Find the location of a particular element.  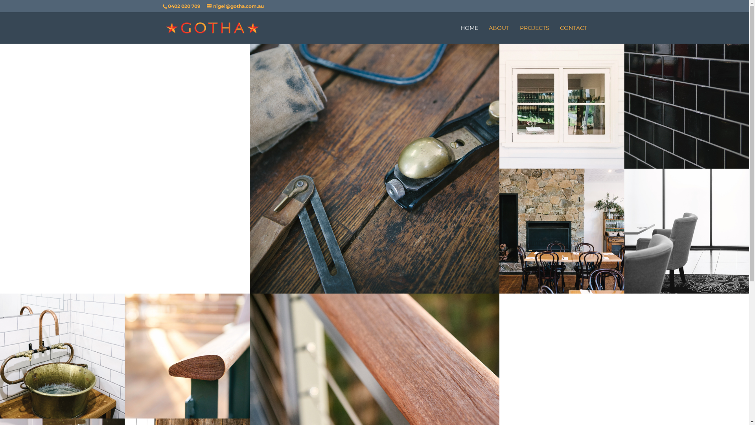

'HOME' is located at coordinates (469, 34).